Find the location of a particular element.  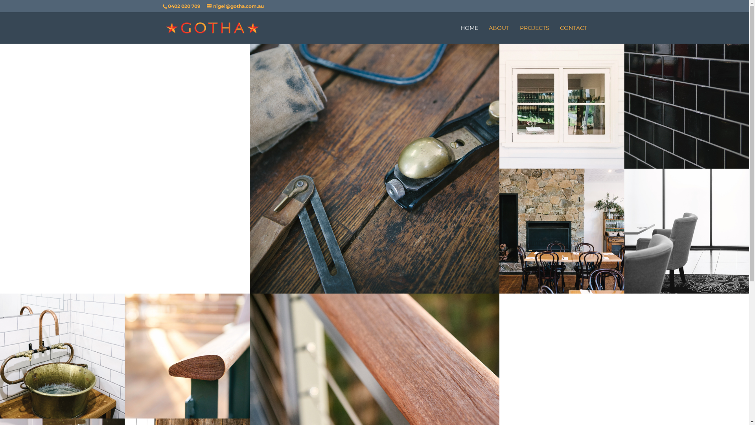

'HOME' is located at coordinates (469, 34).